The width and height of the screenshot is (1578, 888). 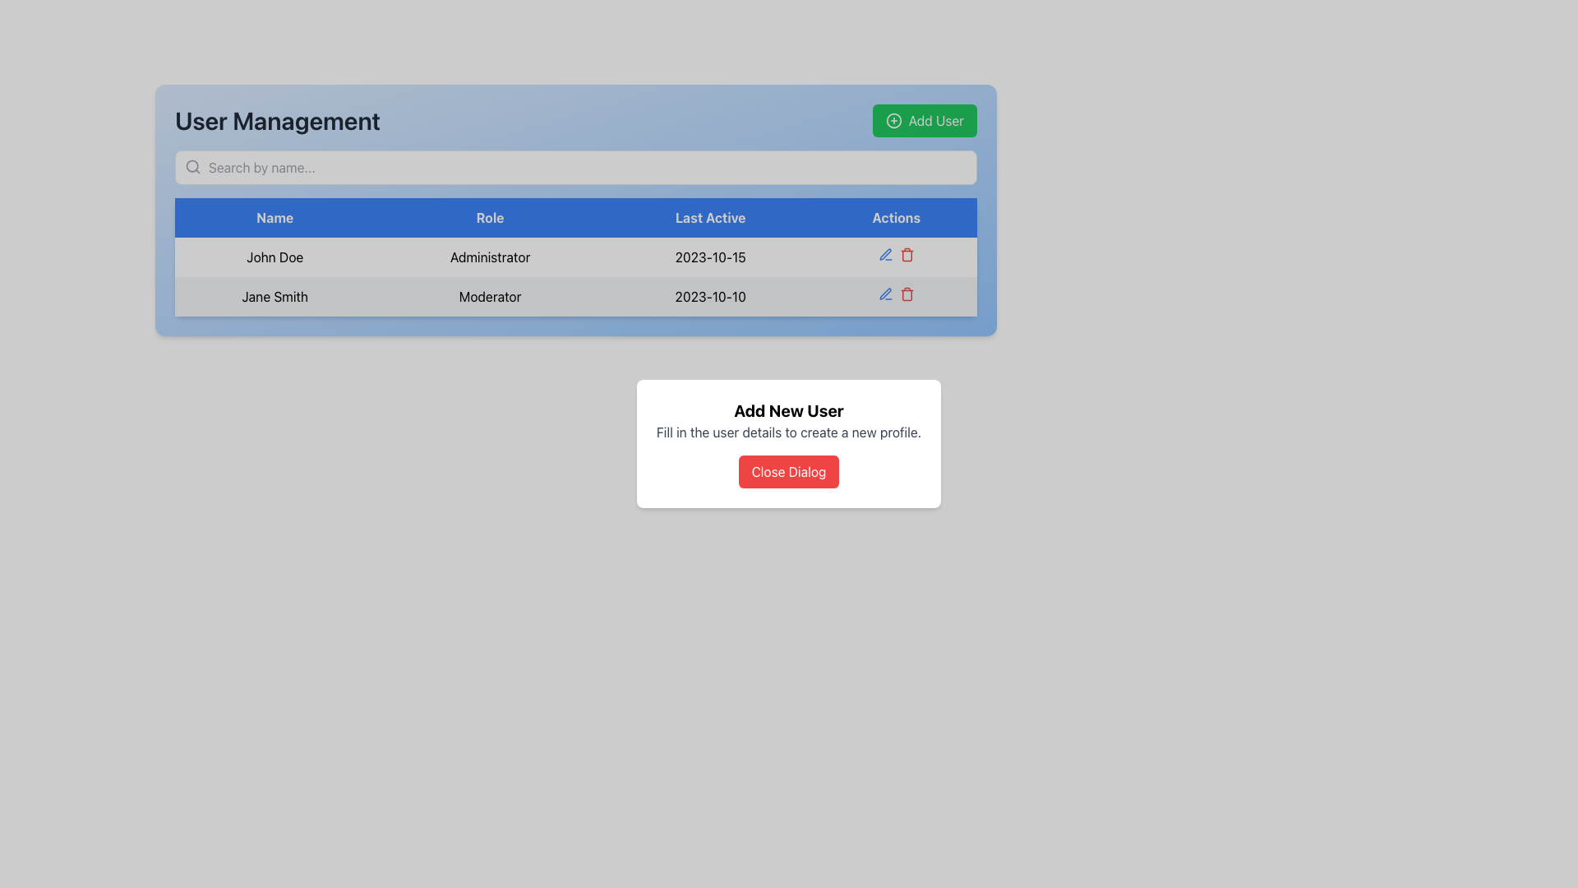 I want to click on the decorative circular SVG graphic that is part of the magnifying glass icon located to the left of the search bar in the 'User Management' interface, so click(x=192, y=166).